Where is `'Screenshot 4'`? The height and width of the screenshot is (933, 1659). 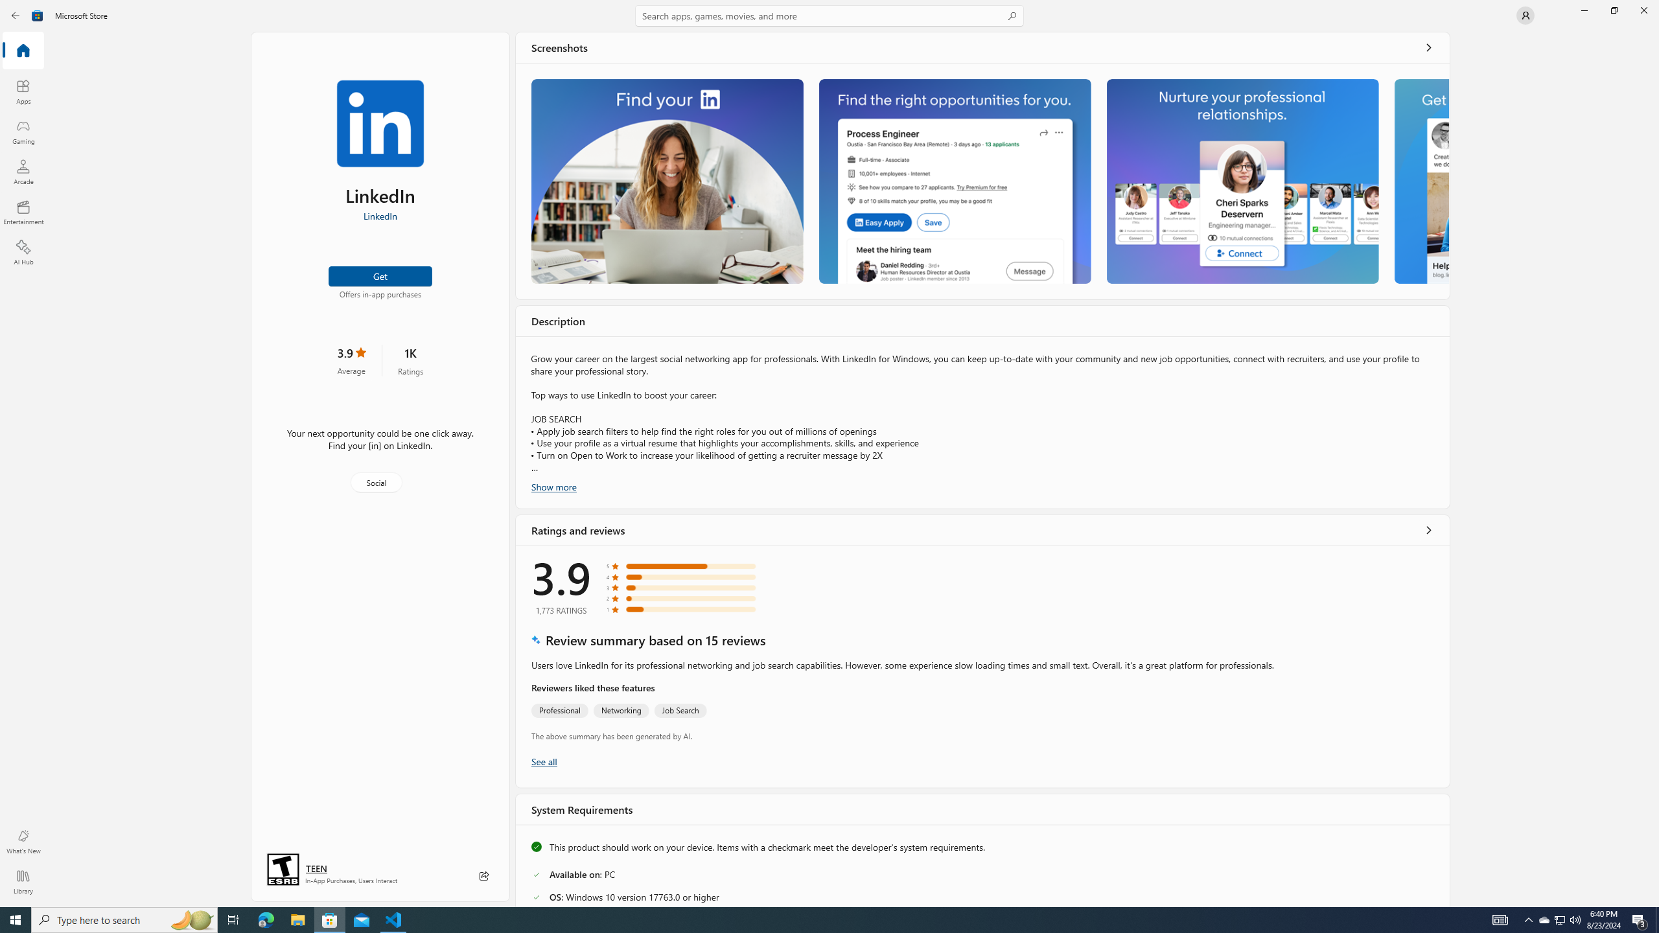
'Screenshot 4' is located at coordinates (1421, 181).